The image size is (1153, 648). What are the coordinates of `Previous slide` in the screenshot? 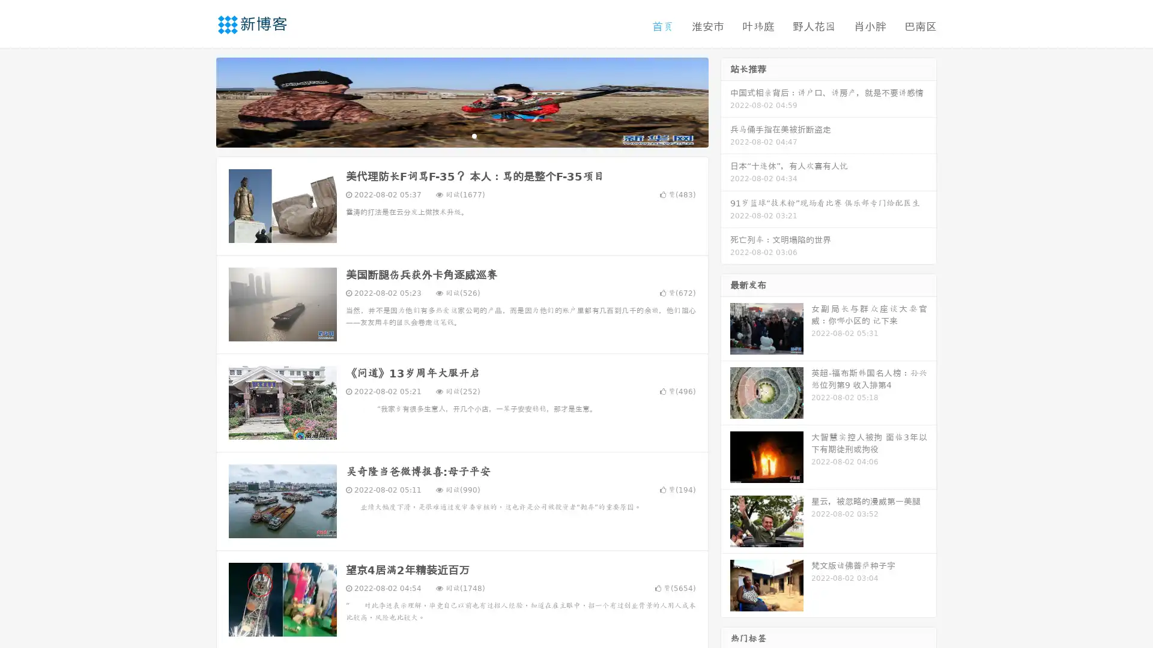 It's located at (198, 101).